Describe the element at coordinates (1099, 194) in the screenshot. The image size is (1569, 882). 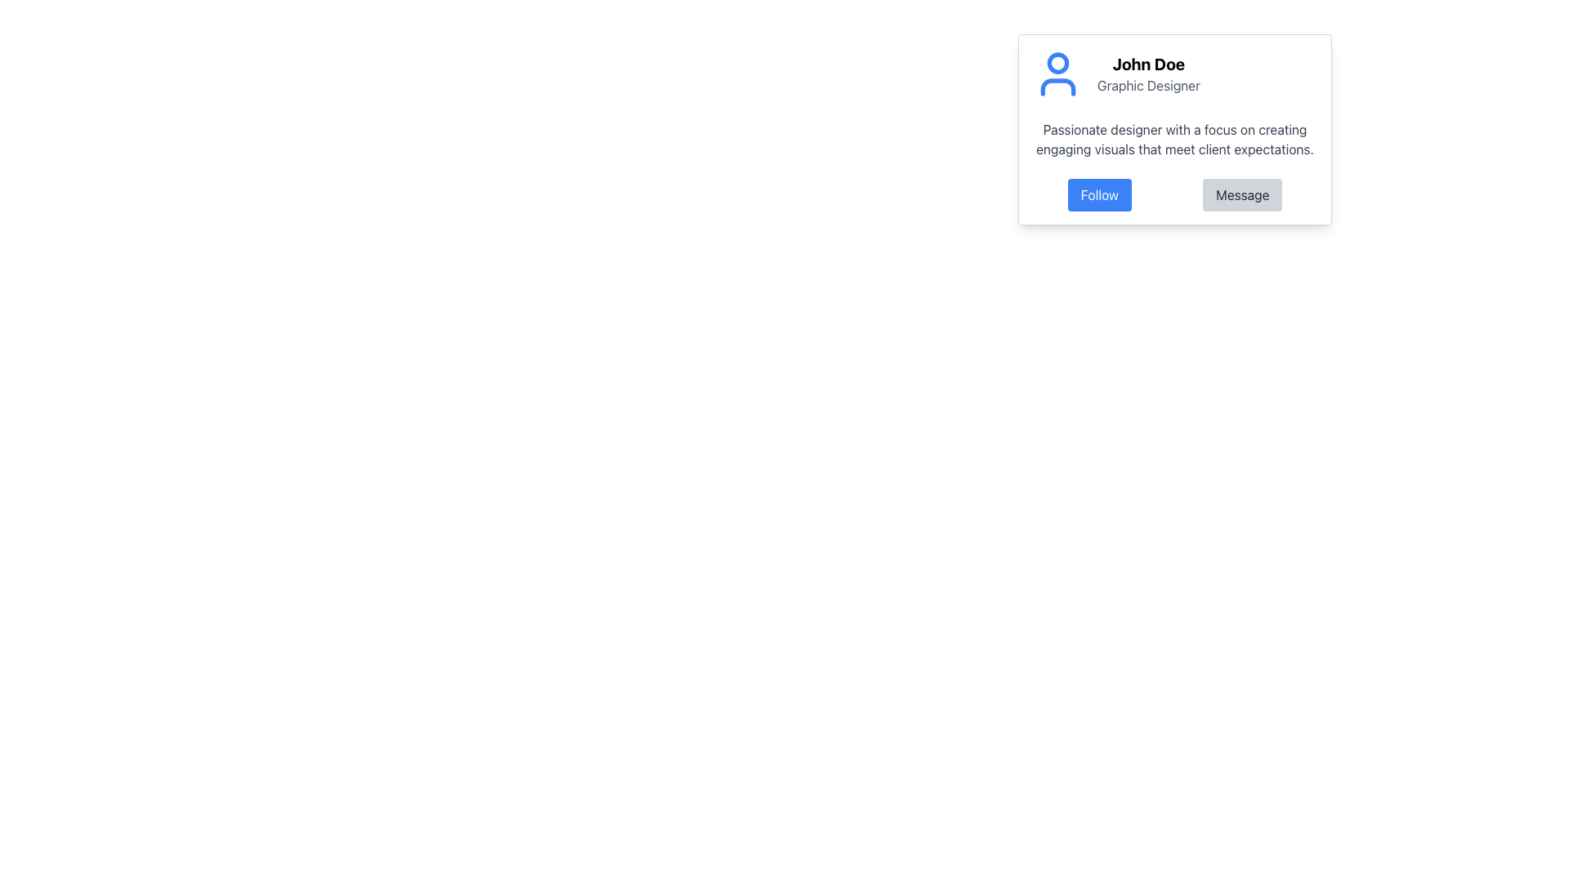
I see `the 'Follow' button located to the left of the 'Message' button` at that location.